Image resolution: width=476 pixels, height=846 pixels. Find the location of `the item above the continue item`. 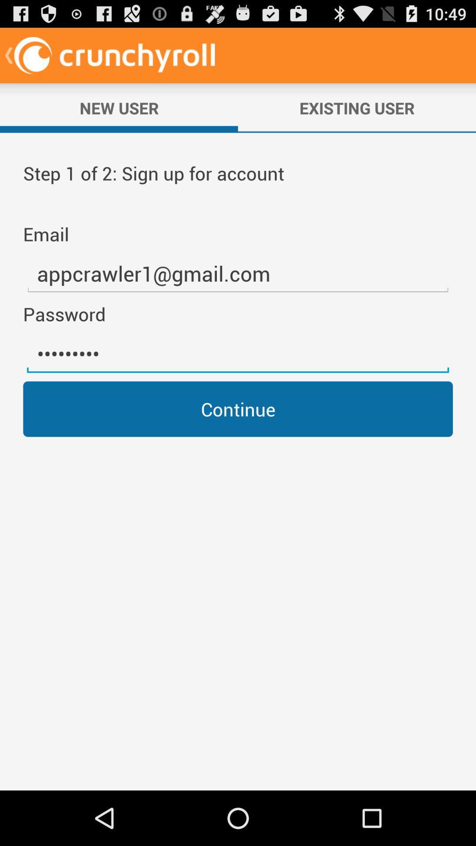

the item above the continue item is located at coordinates (238, 354).